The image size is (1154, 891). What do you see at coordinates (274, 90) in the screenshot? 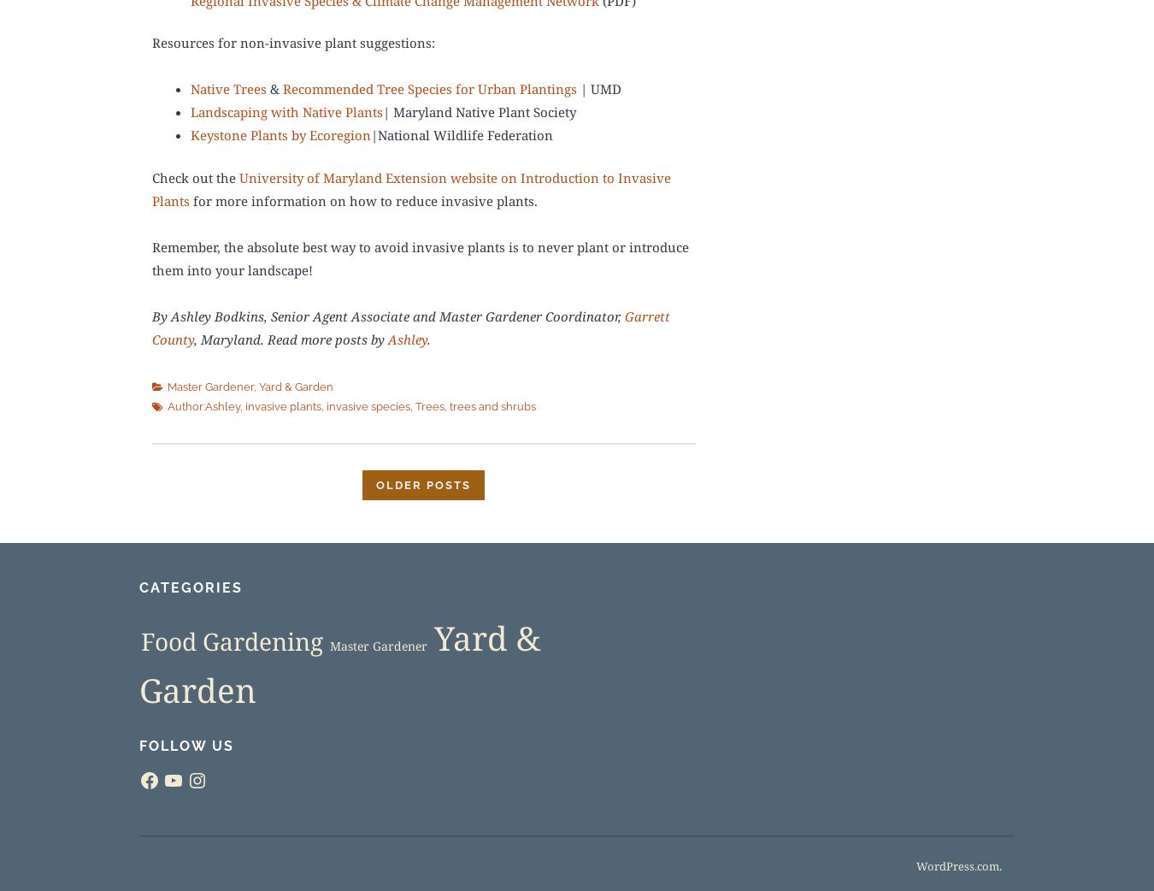
I see `'&'` at bounding box center [274, 90].